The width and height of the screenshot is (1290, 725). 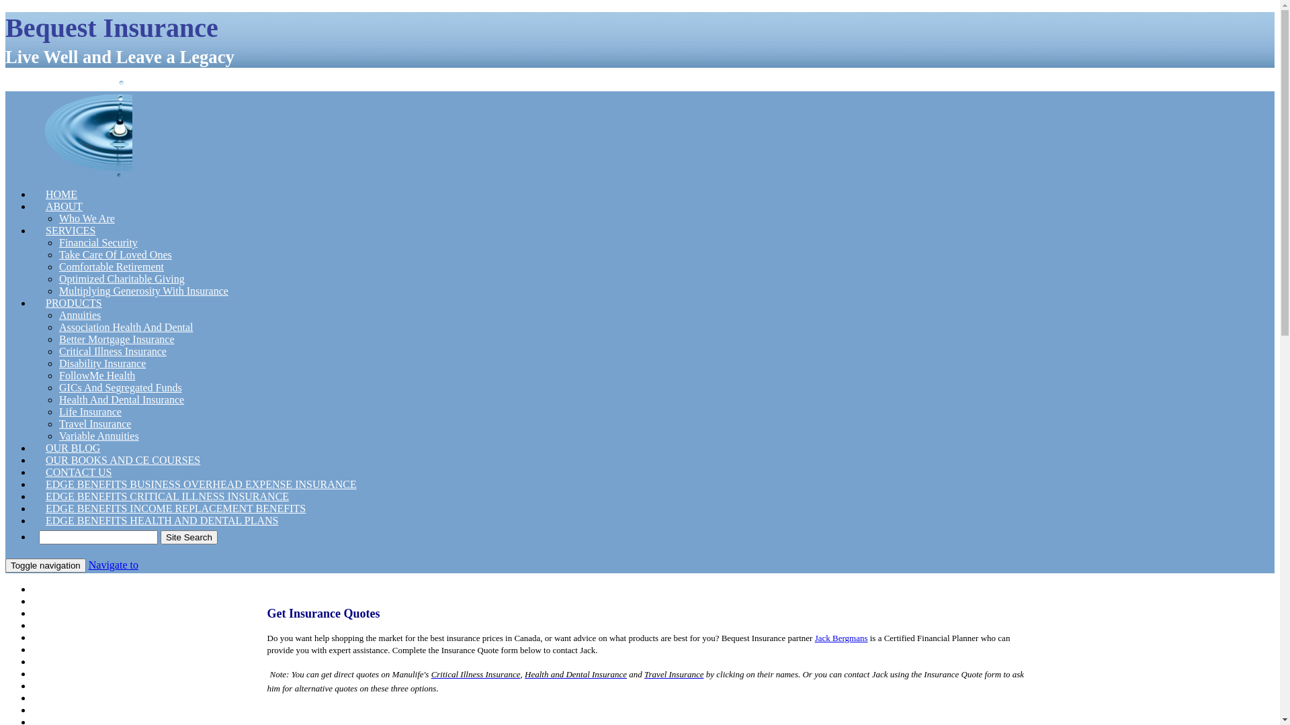 I want to click on 'HOME', so click(x=60, y=194).